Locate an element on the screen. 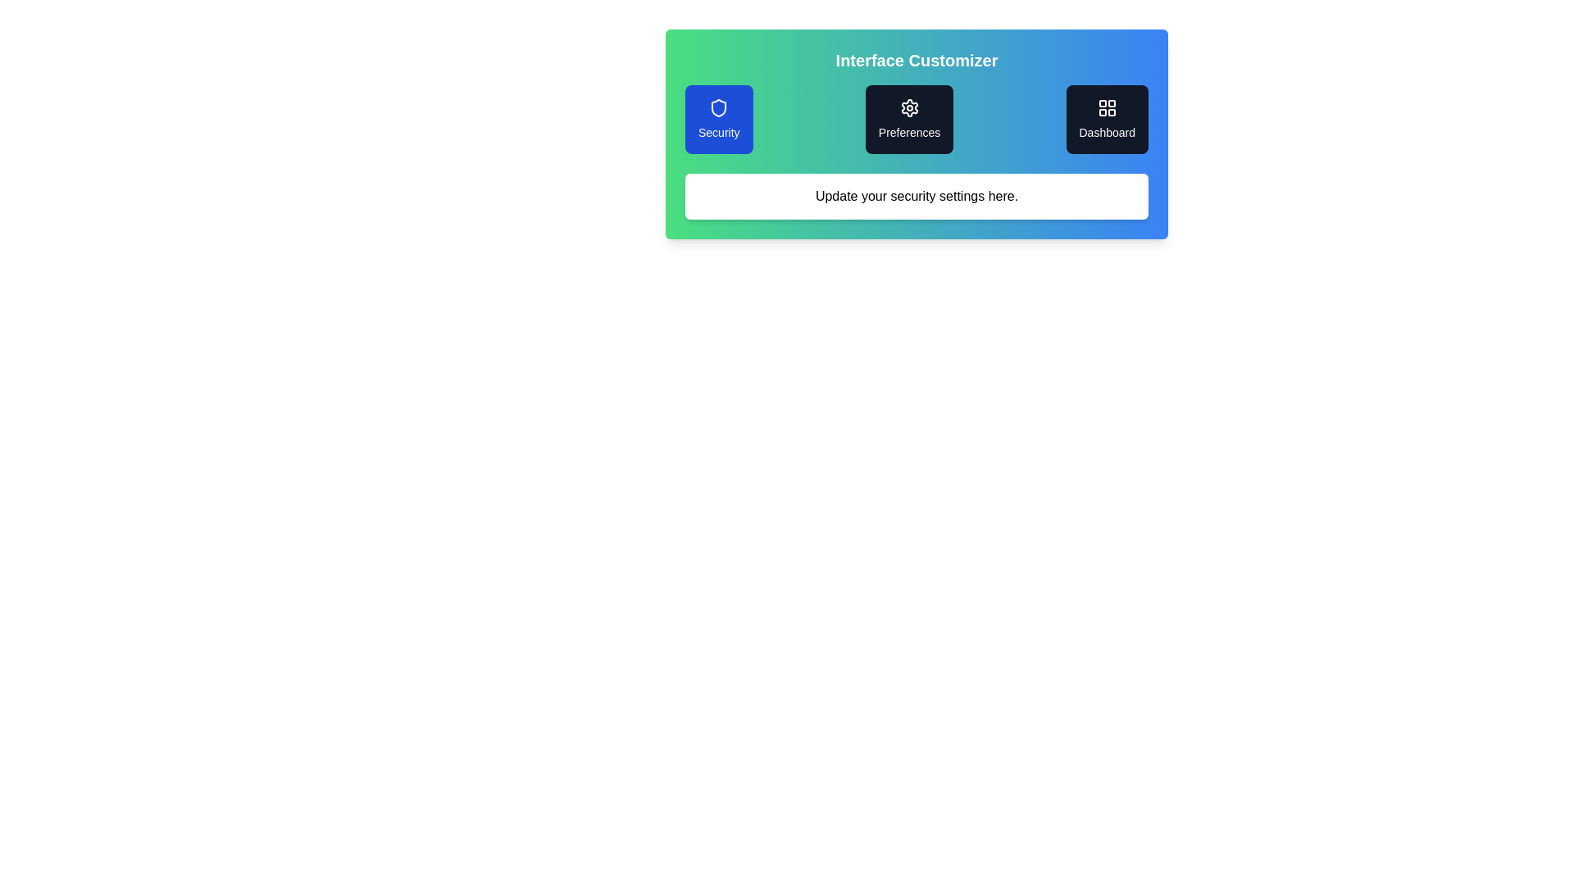  cog or gear icon within the 'Preferences' tile, which is located between the 'Security' tile and the 'Dashboard' tile at the top section of the interface is located at coordinates (908, 107).